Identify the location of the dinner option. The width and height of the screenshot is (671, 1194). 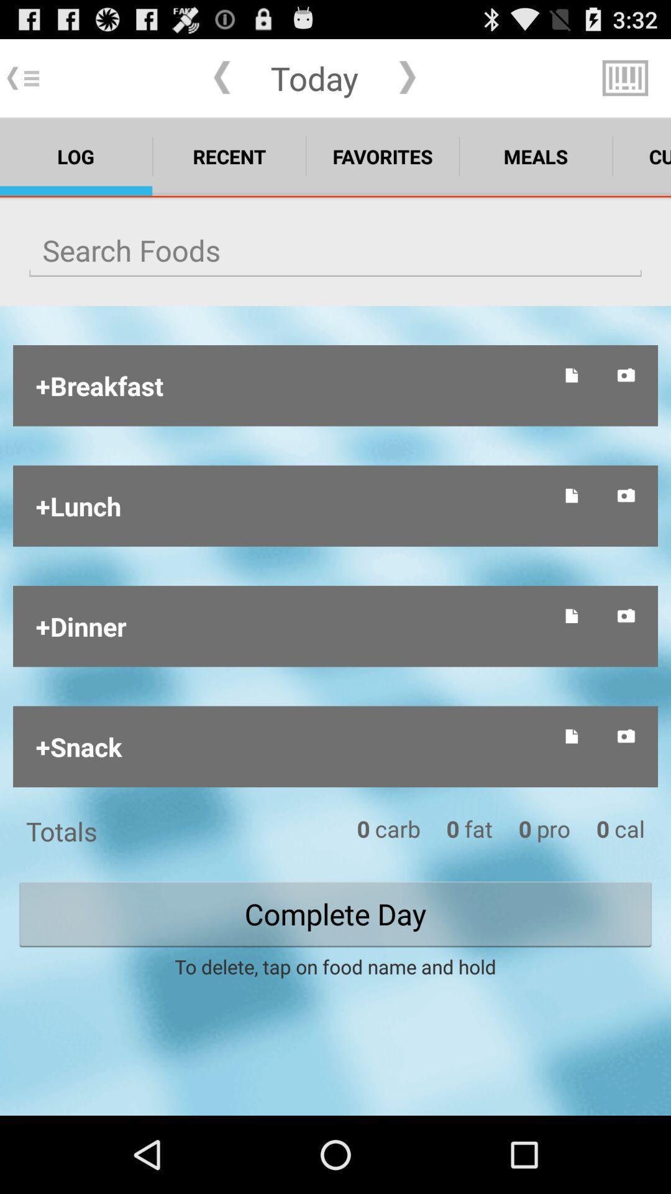
(291, 626).